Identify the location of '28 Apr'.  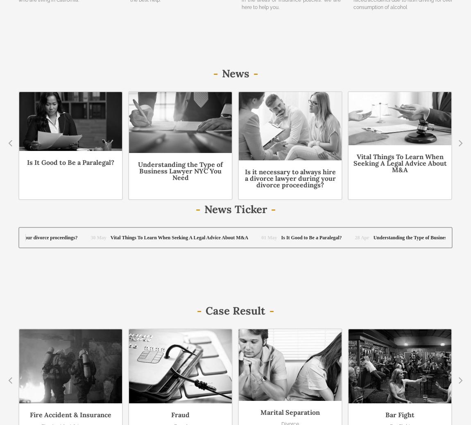
(108, 74).